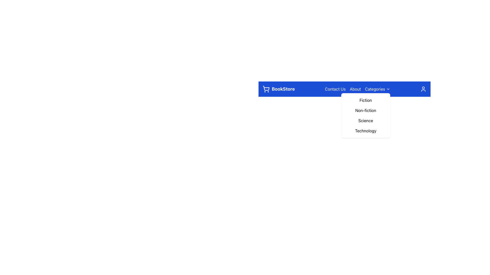  What do you see at coordinates (278, 89) in the screenshot?
I see `the website's title or brand text label located at the top-left corner of the main navigation bar, which redirects users to the homepage` at bounding box center [278, 89].